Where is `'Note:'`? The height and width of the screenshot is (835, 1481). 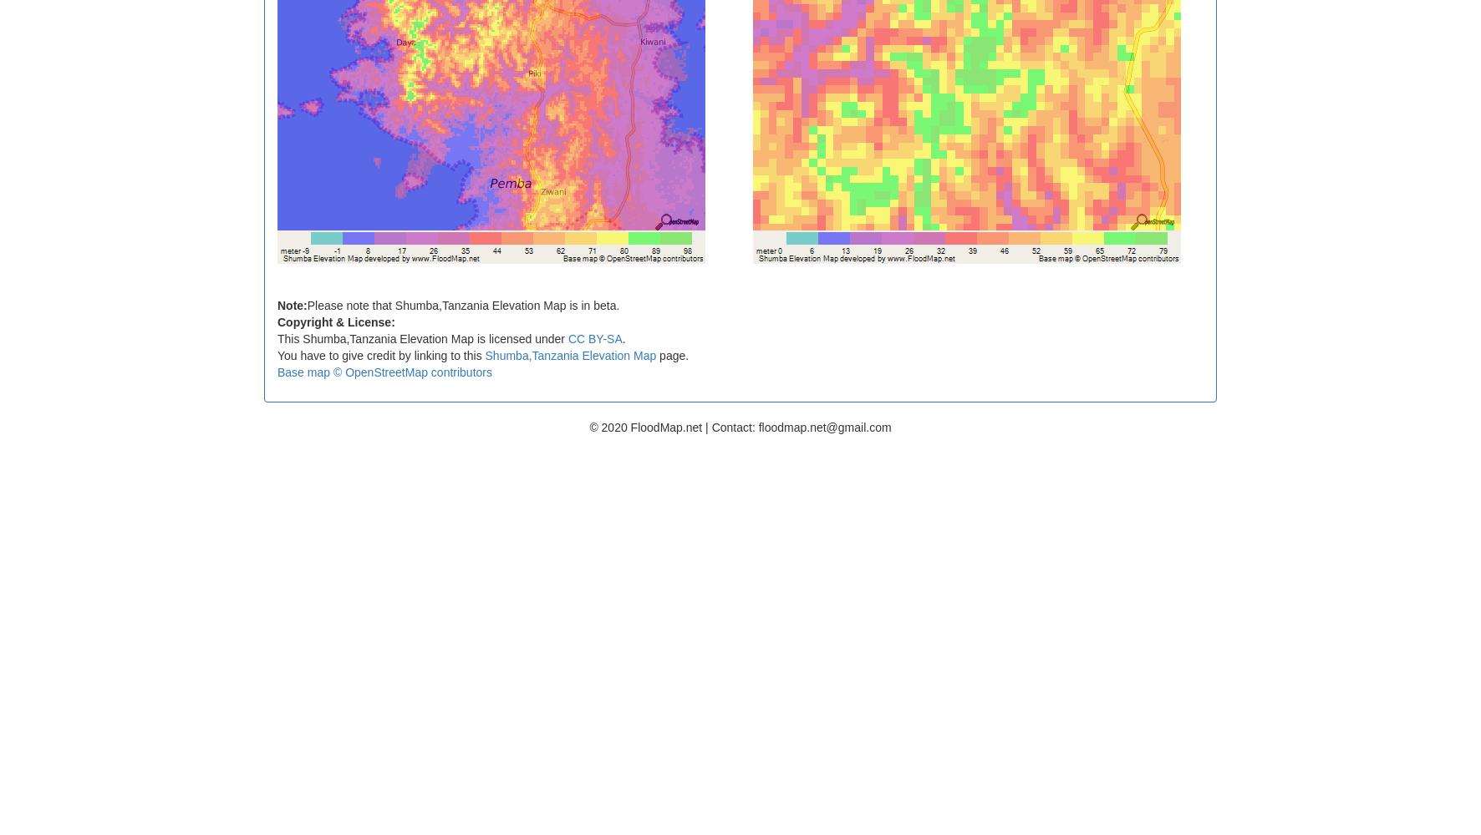 'Note:' is located at coordinates (277, 304).